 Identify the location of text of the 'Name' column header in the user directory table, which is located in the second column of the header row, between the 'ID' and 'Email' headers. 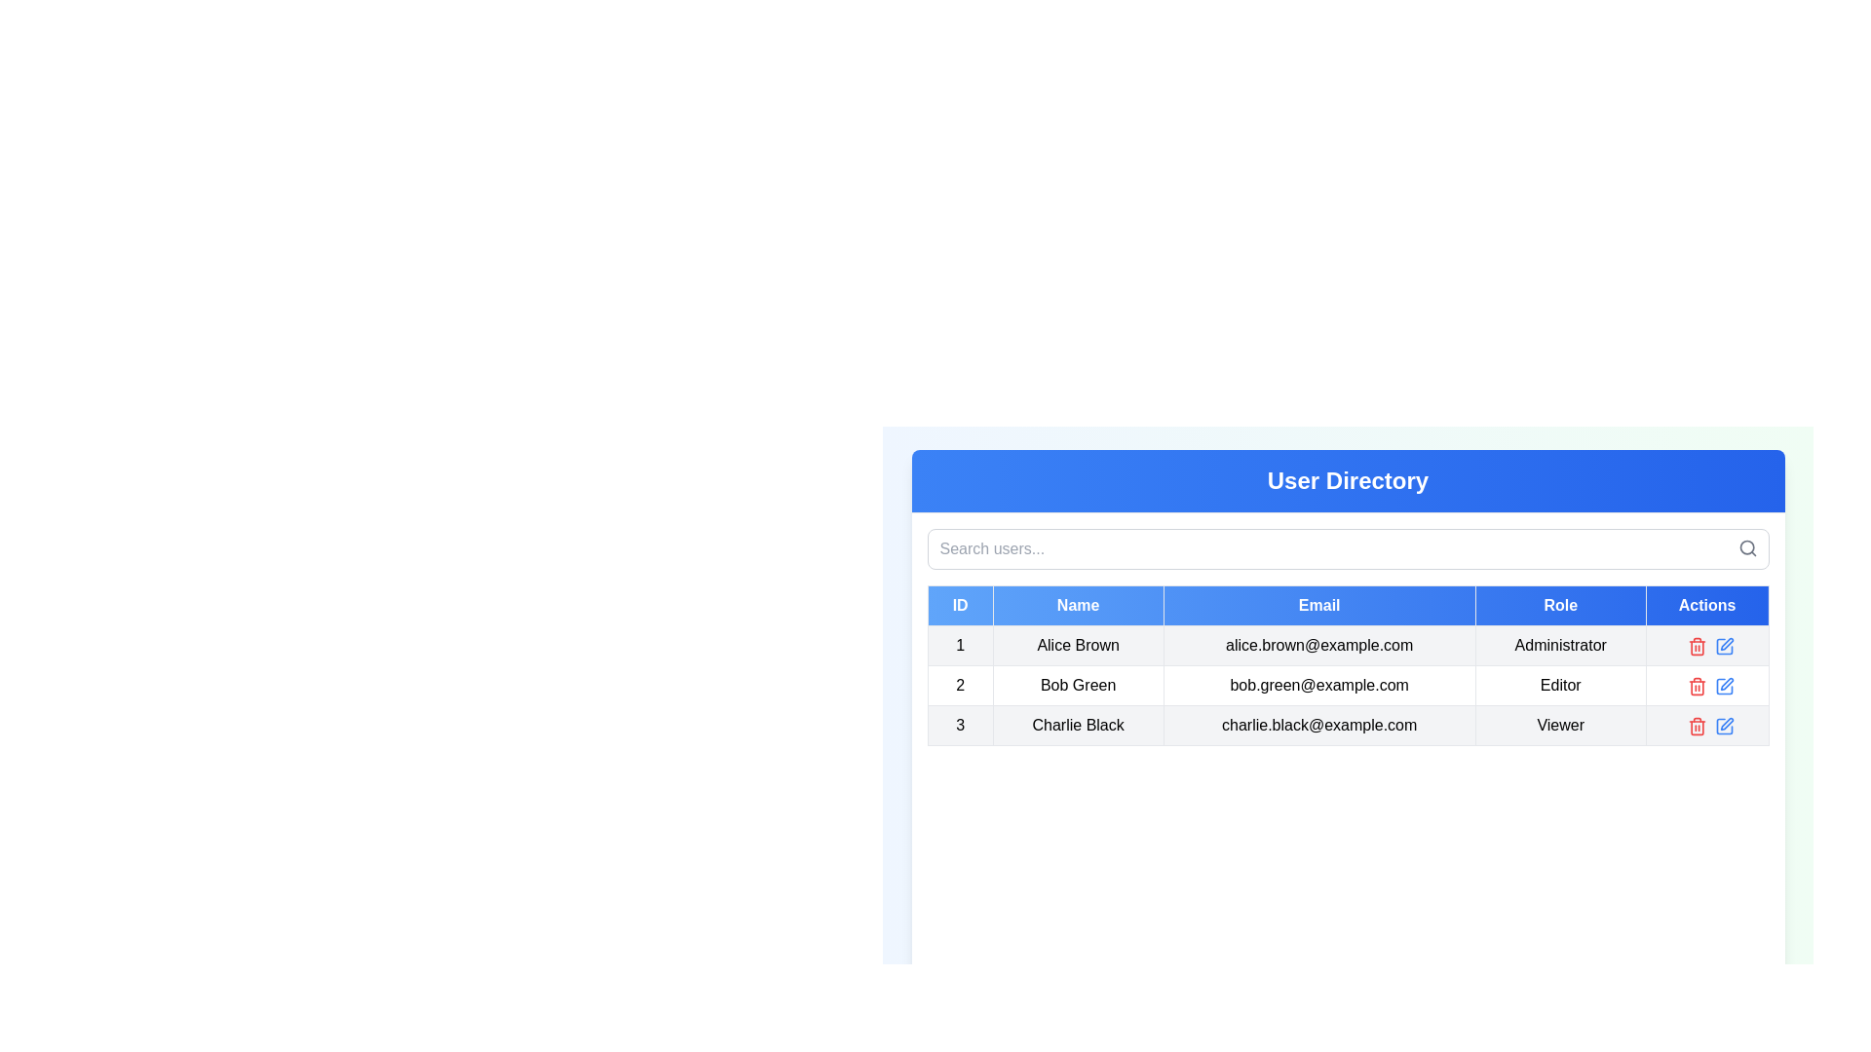
(1077, 604).